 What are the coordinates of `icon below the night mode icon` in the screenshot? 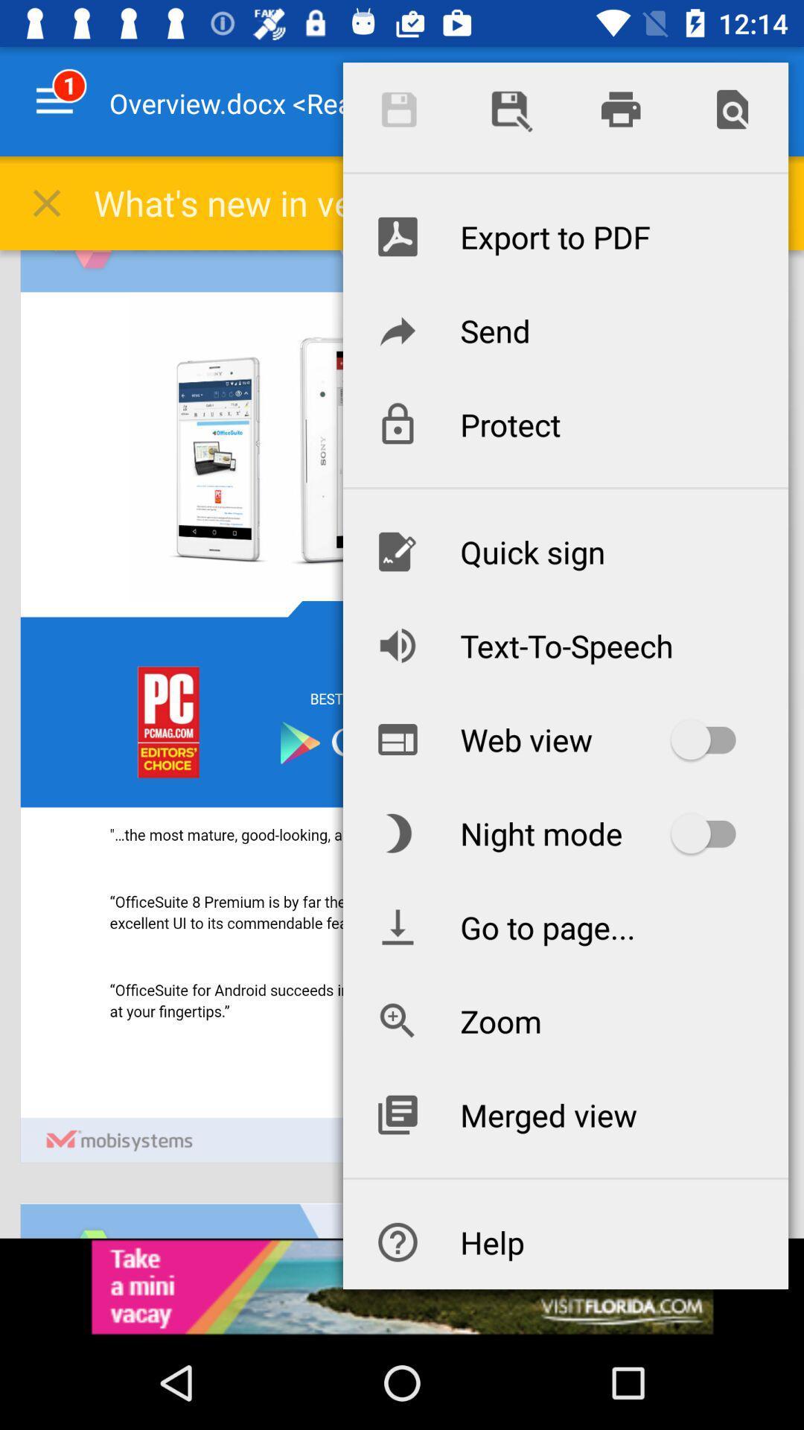 It's located at (565, 926).